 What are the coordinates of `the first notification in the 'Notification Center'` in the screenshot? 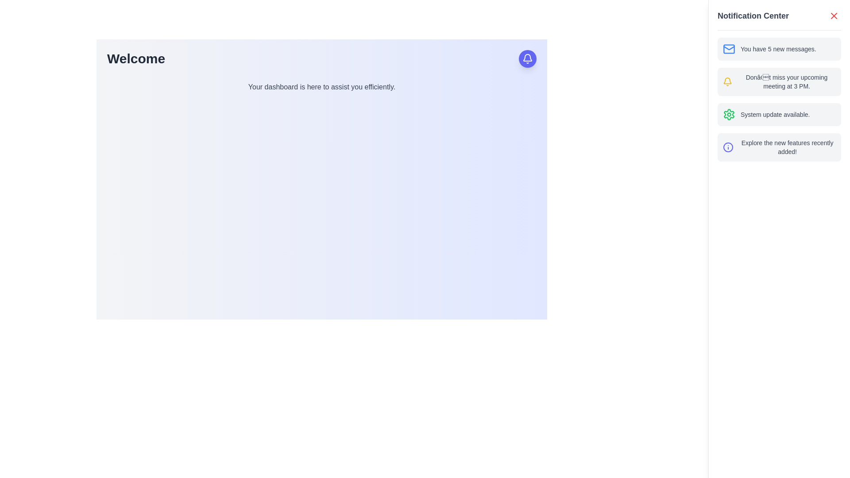 It's located at (779, 49).